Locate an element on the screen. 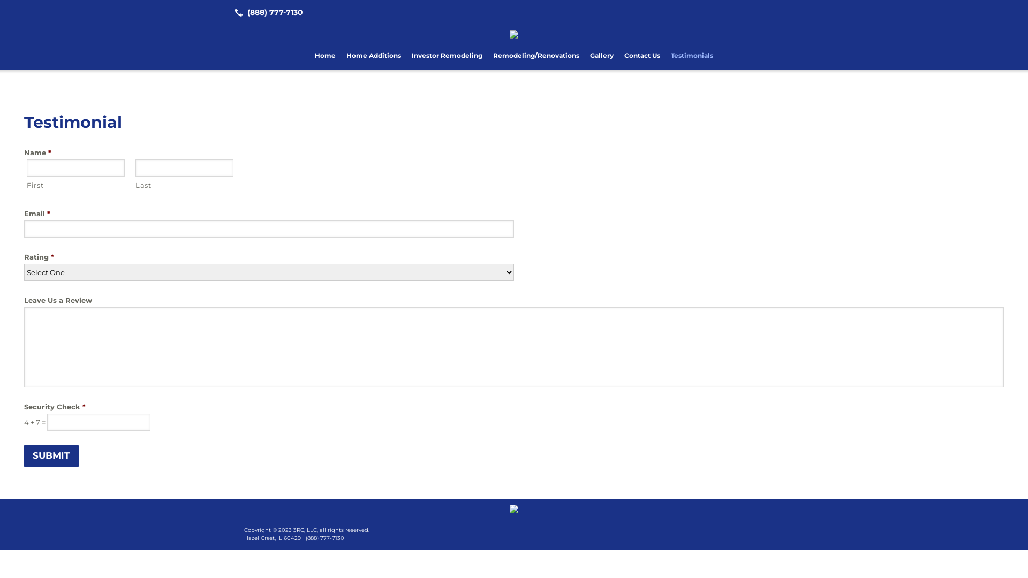  'Home Additions' is located at coordinates (341, 56).